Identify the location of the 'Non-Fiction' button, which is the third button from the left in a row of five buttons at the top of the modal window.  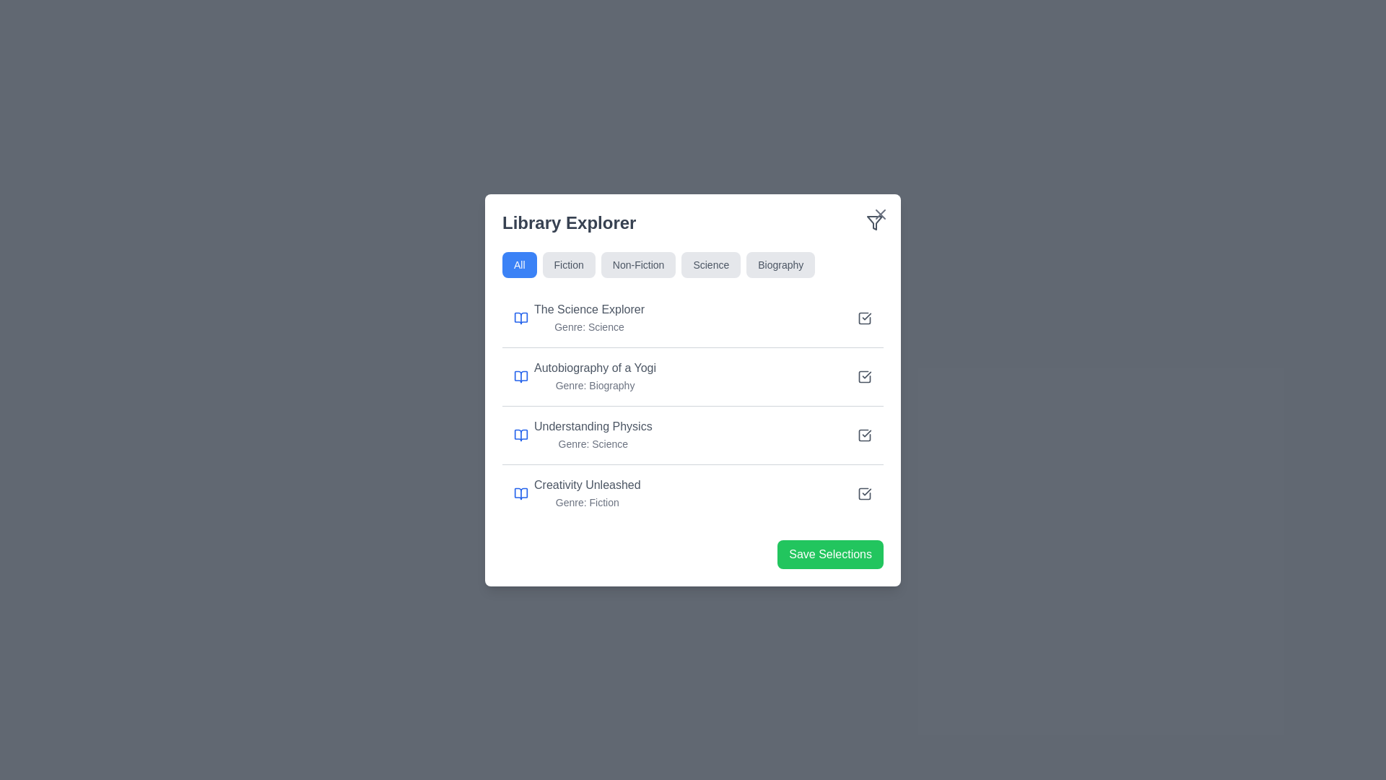
(637, 264).